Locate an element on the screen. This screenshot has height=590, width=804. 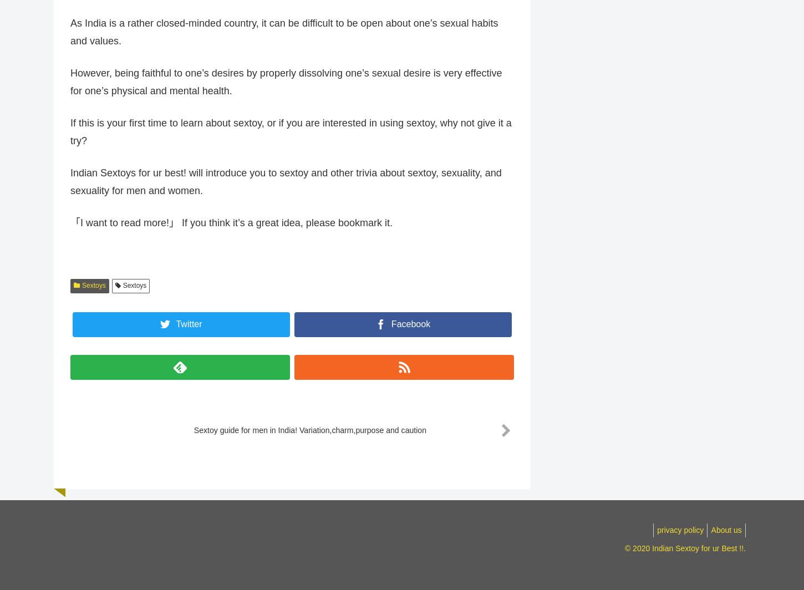
'As India is a rather closed-minded country, it can be difficult to be open about one’s sexual habits and values.' is located at coordinates (284, 38).